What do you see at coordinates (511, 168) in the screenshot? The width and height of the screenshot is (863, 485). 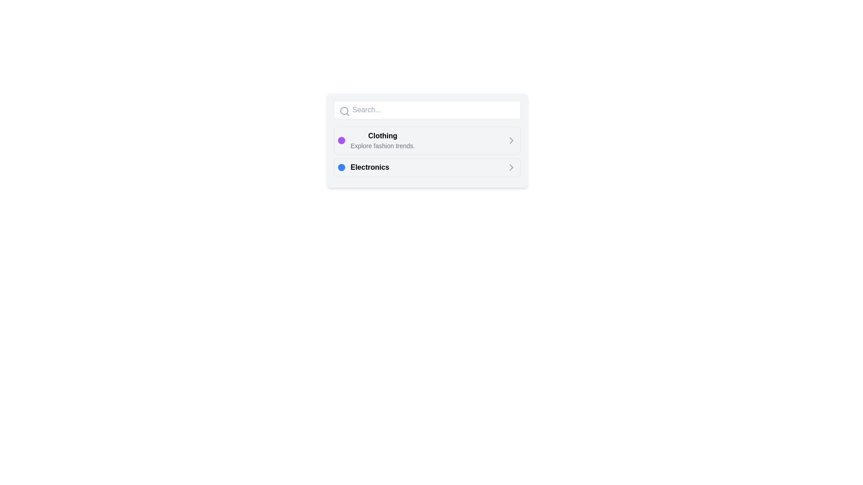 I see `the gray right-facing chevron icon located on the right side of the 'Electronics' panel` at bounding box center [511, 168].